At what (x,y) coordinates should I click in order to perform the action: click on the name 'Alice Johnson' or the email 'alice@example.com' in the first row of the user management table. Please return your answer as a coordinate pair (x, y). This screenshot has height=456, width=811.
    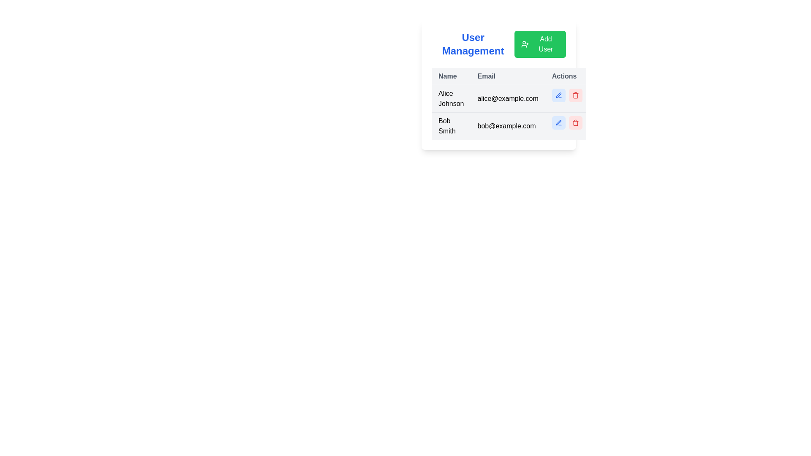
    Looking at the image, I should click on (510, 98).